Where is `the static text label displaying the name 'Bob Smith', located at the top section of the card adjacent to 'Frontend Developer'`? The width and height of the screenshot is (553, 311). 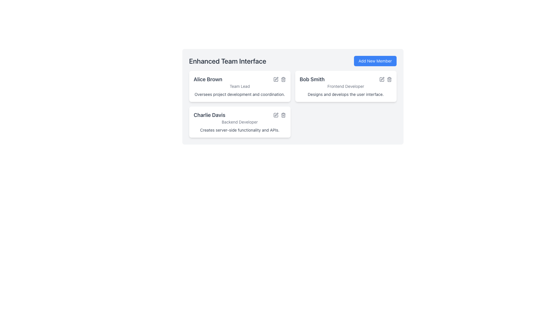 the static text label displaying the name 'Bob Smith', located at the top section of the card adjacent to 'Frontend Developer' is located at coordinates (312, 79).